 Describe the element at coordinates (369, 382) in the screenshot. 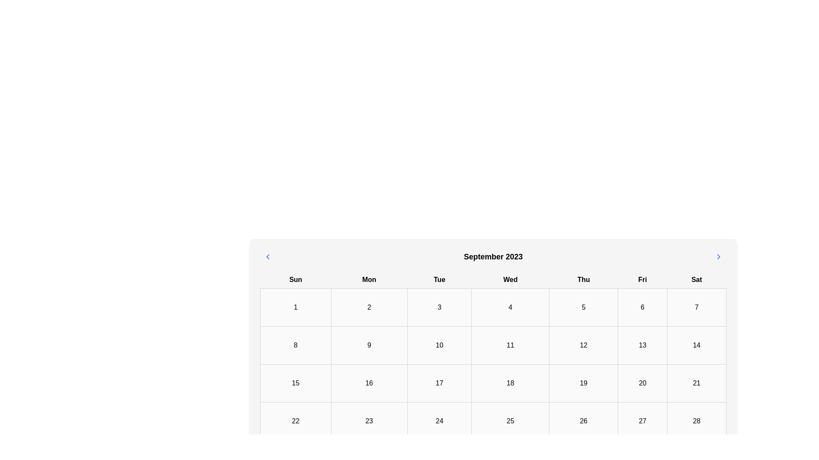

I see `the displayed date in the text box showing the number '16', which is the second box from the left in the third row of the month view calendar` at that location.